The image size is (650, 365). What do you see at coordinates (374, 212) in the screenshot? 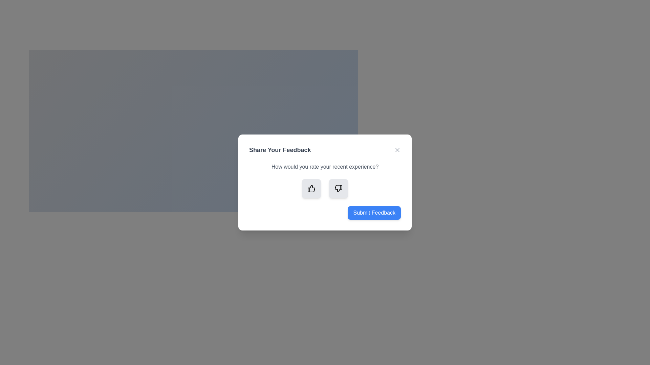
I see `the 'Submit Feedback' button located at the bottom-right corner of the modal window` at bounding box center [374, 212].